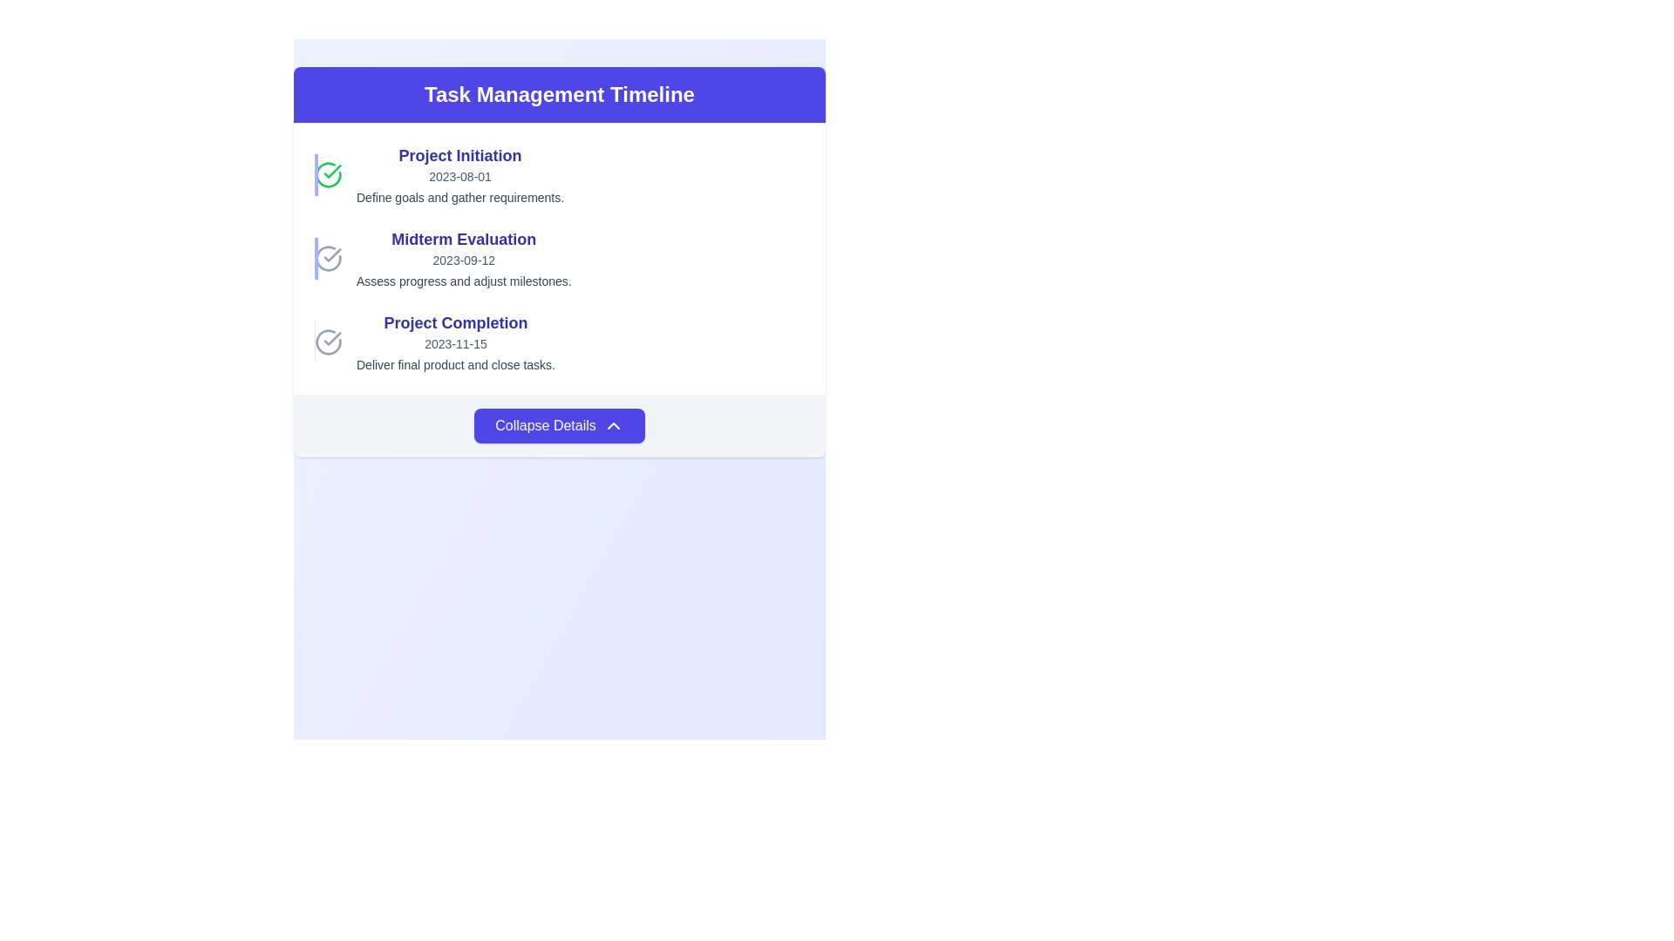 This screenshot has height=941, width=1674. Describe the element at coordinates (456, 322) in the screenshot. I see `the title text label 'Project Completion' styled with large, bold, indigo-colored text, located in the 'Task Management Timeline' section, which is the third item in the list` at that location.